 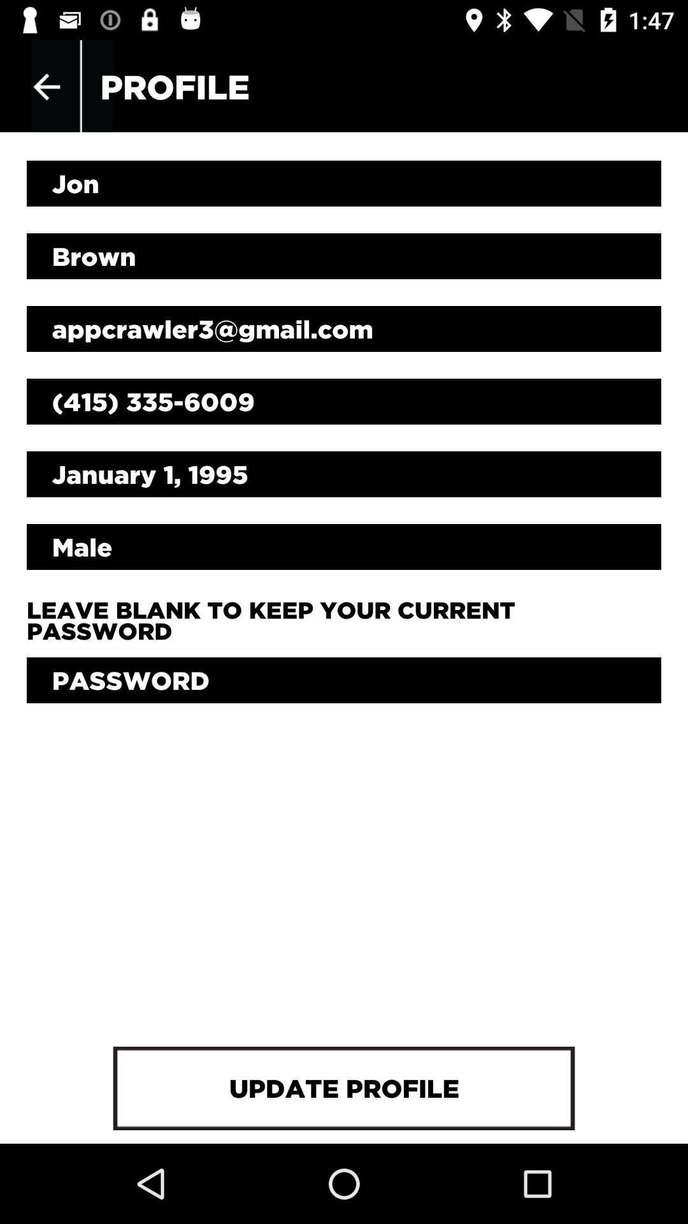 What do you see at coordinates (344, 680) in the screenshot?
I see `current password` at bounding box center [344, 680].